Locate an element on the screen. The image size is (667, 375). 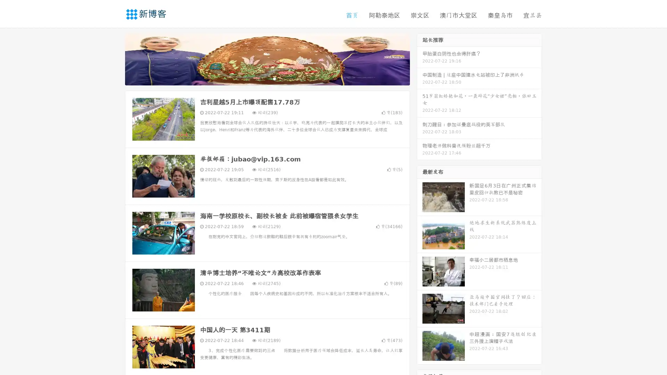
Go to slide 1 is located at coordinates (260, 78).